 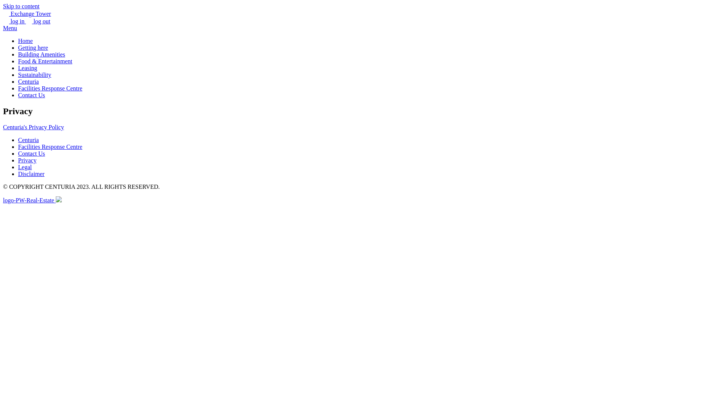 I want to click on 'Getting here', so click(x=32, y=47).